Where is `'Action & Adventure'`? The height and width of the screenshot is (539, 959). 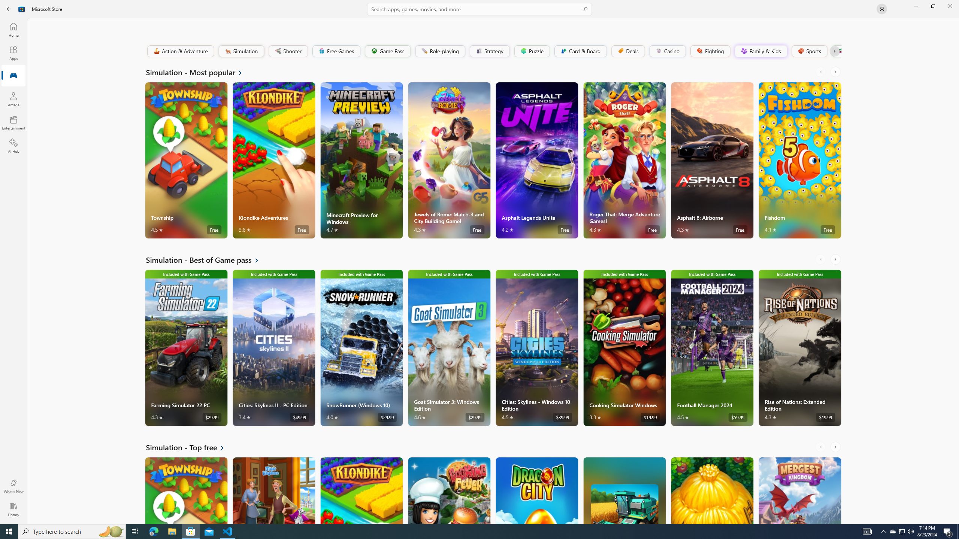
'Action & Adventure' is located at coordinates (180, 51).